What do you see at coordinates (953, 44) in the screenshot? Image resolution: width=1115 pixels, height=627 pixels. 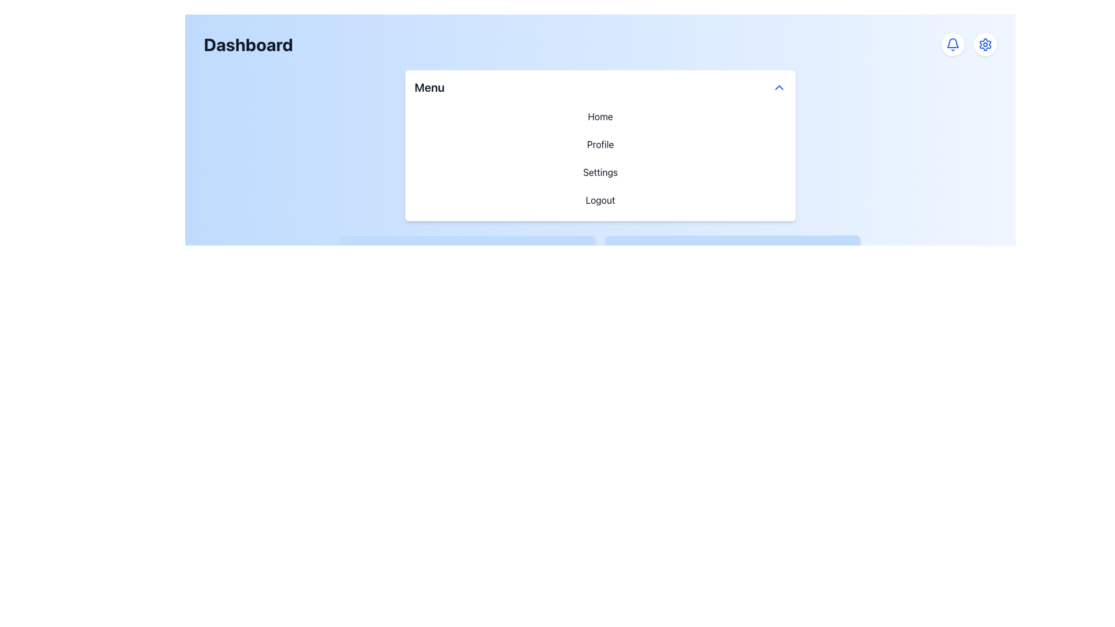 I see `the Notification Bell icon located in the top-right corner of the interface` at bounding box center [953, 44].